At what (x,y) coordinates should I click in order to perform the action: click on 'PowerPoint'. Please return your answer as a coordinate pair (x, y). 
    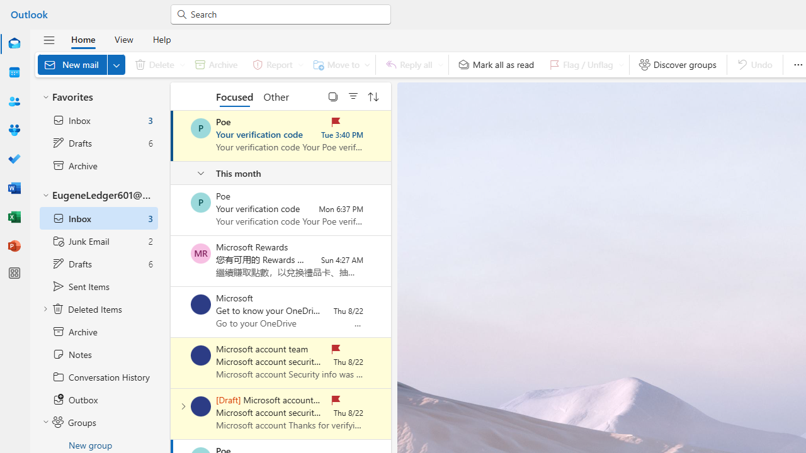
    Looking at the image, I should click on (14, 247).